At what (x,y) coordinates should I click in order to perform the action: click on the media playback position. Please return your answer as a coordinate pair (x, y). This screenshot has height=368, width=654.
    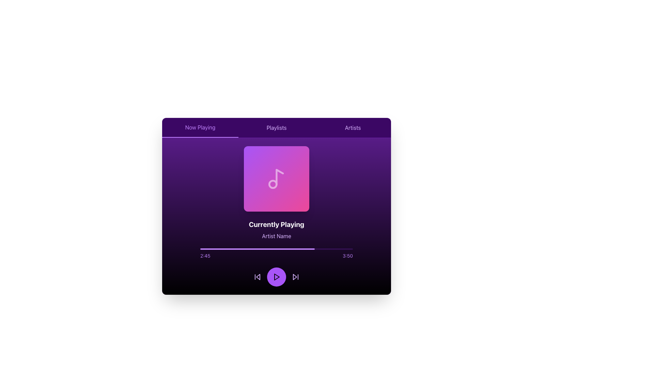
    Looking at the image, I should click on (225, 249).